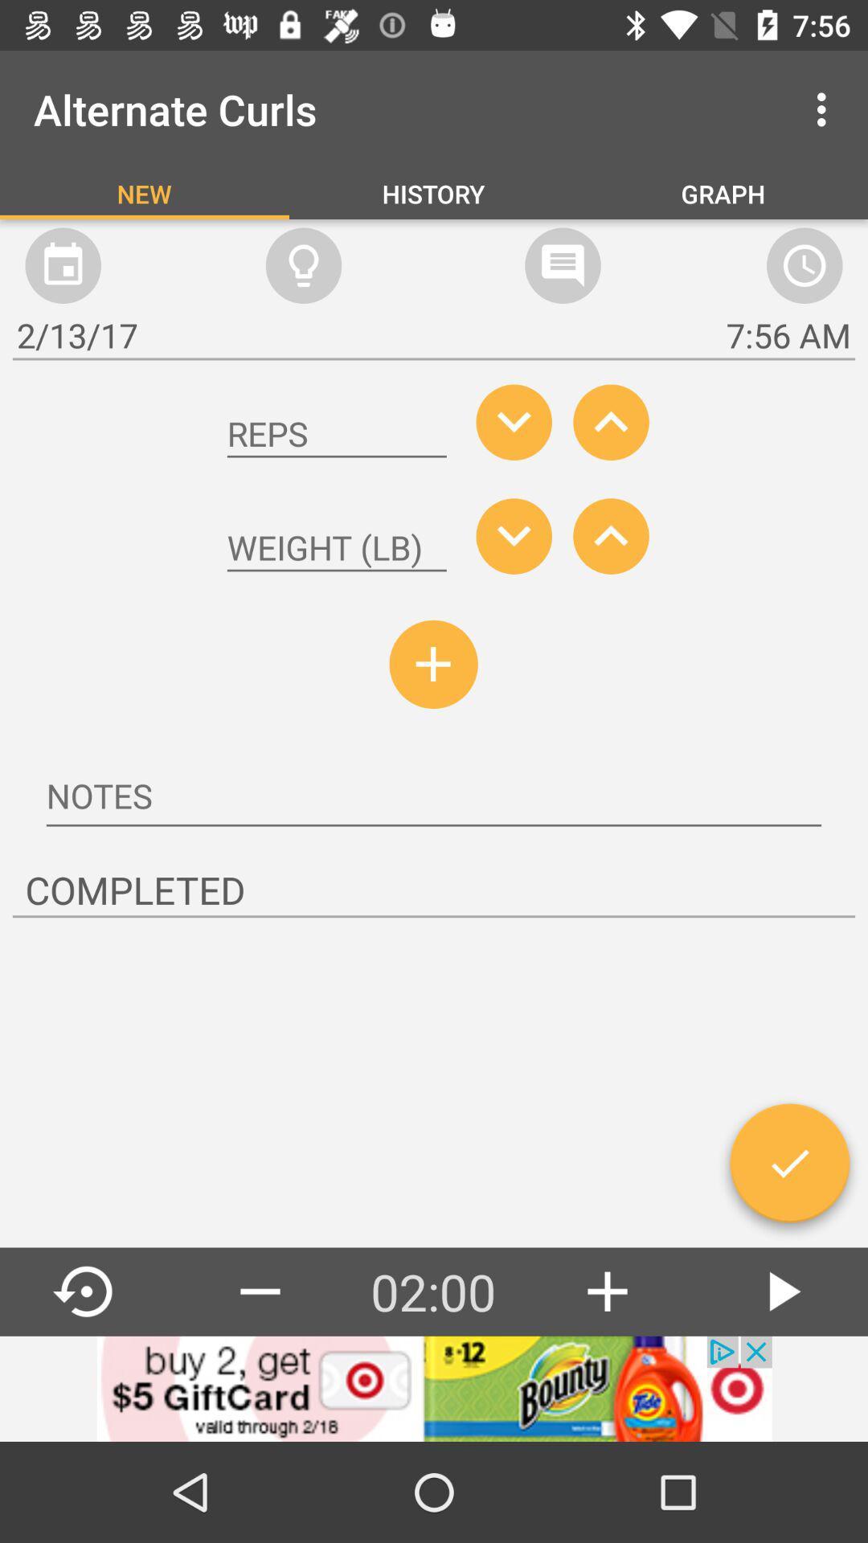 This screenshot has height=1543, width=868. Describe the element at coordinates (788, 1169) in the screenshot. I see `ok option` at that location.